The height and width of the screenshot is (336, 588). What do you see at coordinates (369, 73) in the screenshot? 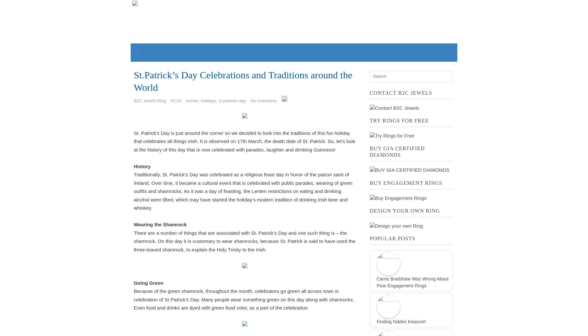
I see `'Search for:'` at bounding box center [369, 73].